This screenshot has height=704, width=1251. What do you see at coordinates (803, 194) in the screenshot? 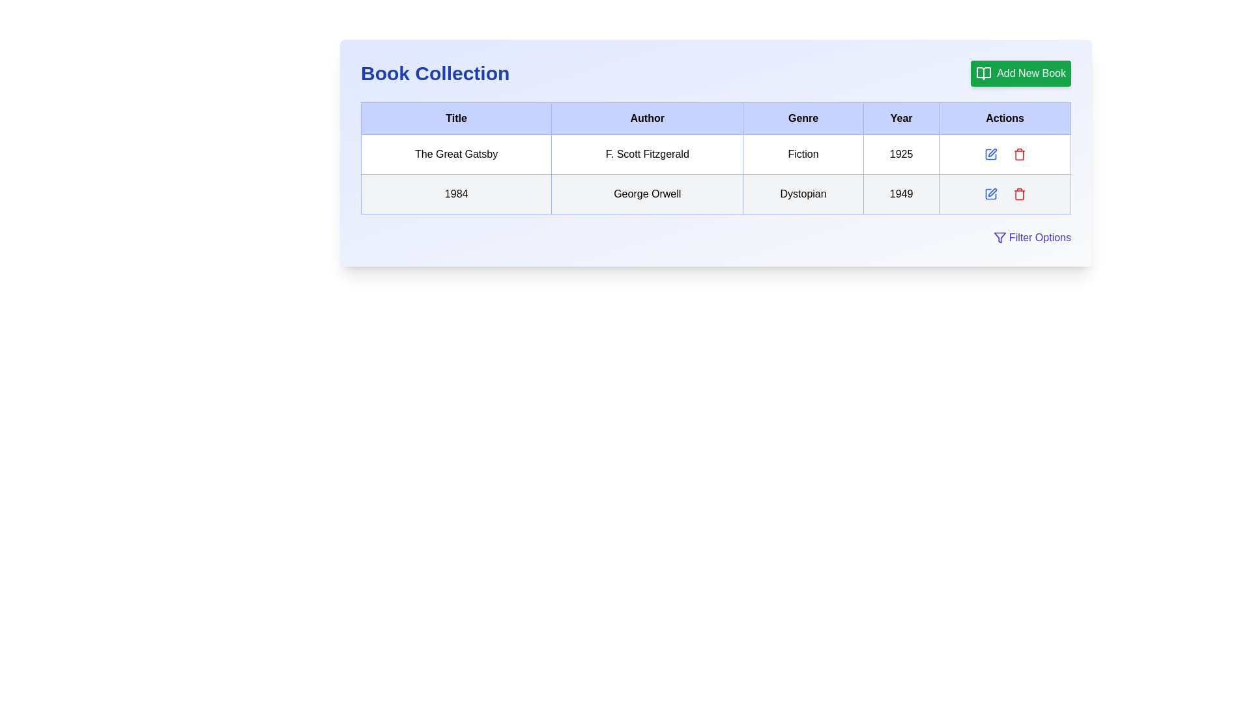
I see `the text label displaying 'Dystopian' in black font within the 'Book Collection' section, located in the third column and second row of the table` at bounding box center [803, 194].